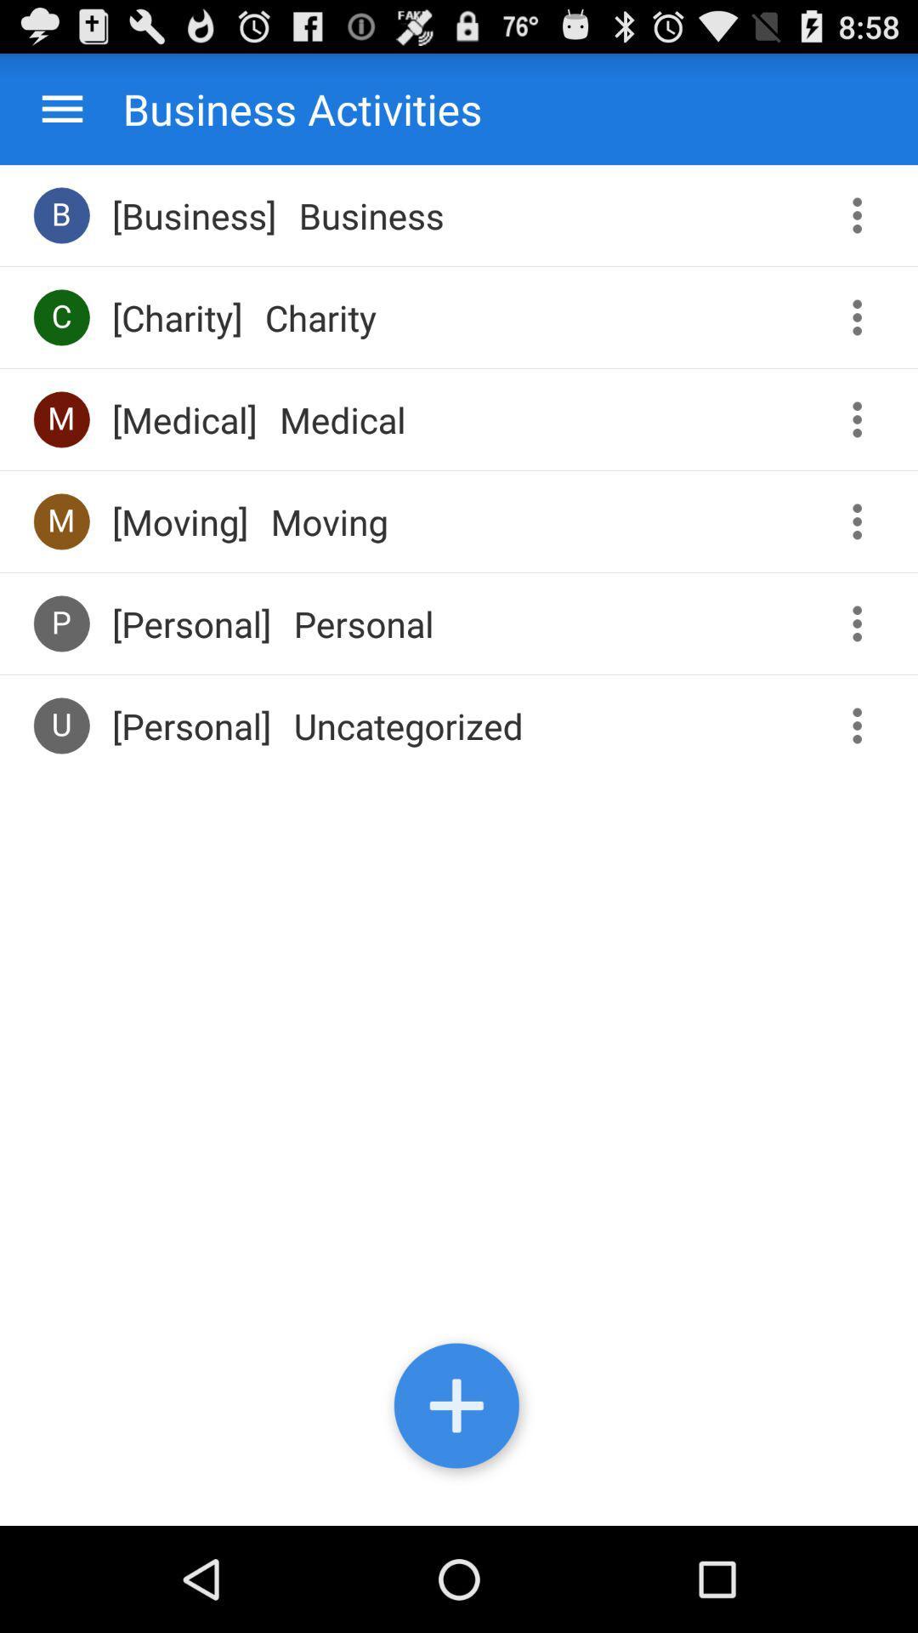 The image size is (918, 1633). Describe the element at coordinates (61, 108) in the screenshot. I see `menu` at that location.